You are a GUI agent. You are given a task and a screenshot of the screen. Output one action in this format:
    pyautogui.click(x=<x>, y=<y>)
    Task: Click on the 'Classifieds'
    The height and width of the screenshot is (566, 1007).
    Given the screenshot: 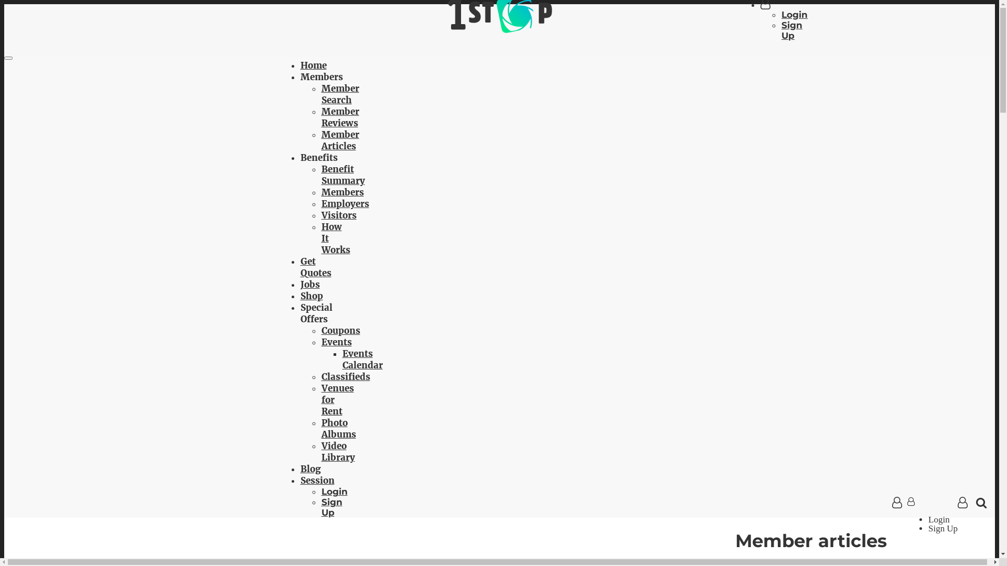 What is the action you would take?
    pyautogui.click(x=345, y=376)
    